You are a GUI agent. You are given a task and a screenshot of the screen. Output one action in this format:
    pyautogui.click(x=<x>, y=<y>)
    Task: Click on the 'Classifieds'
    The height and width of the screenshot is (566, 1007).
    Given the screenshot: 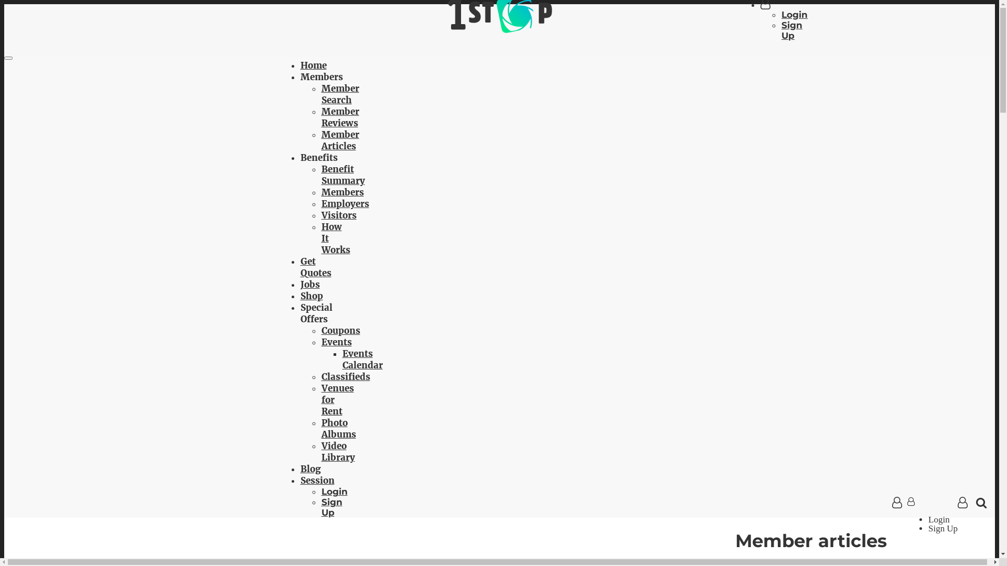 What is the action you would take?
    pyautogui.click(x=345, y=376)
    